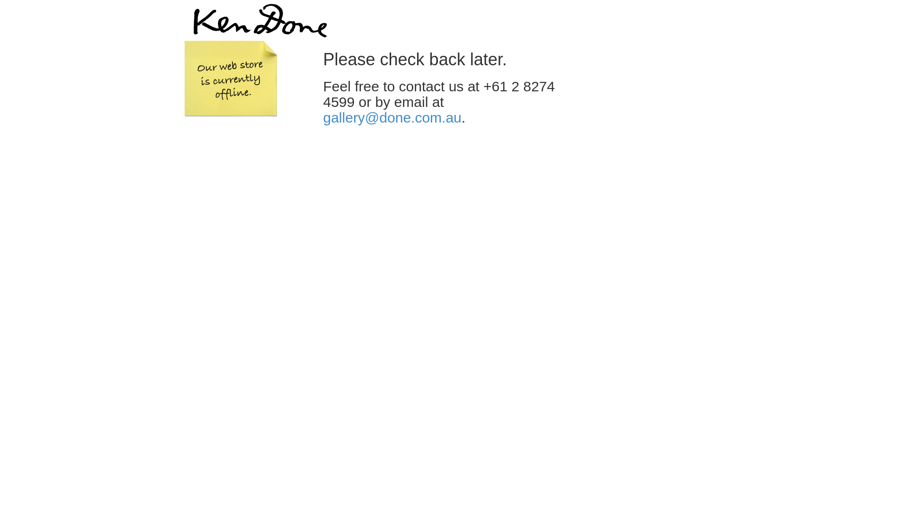 Image resolution: width=909 pixels, height=511 pixels. Describe the element at coordinates (392, 117) in the screenshot. I see `'gallery@done.com.au'` at that location.